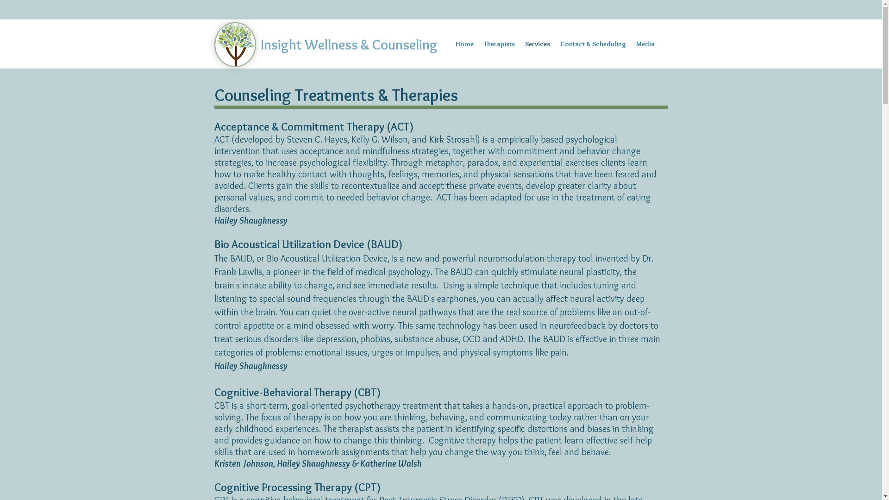 This screenshot has height=500, width=889. I want to click on 'Home', so click(450, 44).